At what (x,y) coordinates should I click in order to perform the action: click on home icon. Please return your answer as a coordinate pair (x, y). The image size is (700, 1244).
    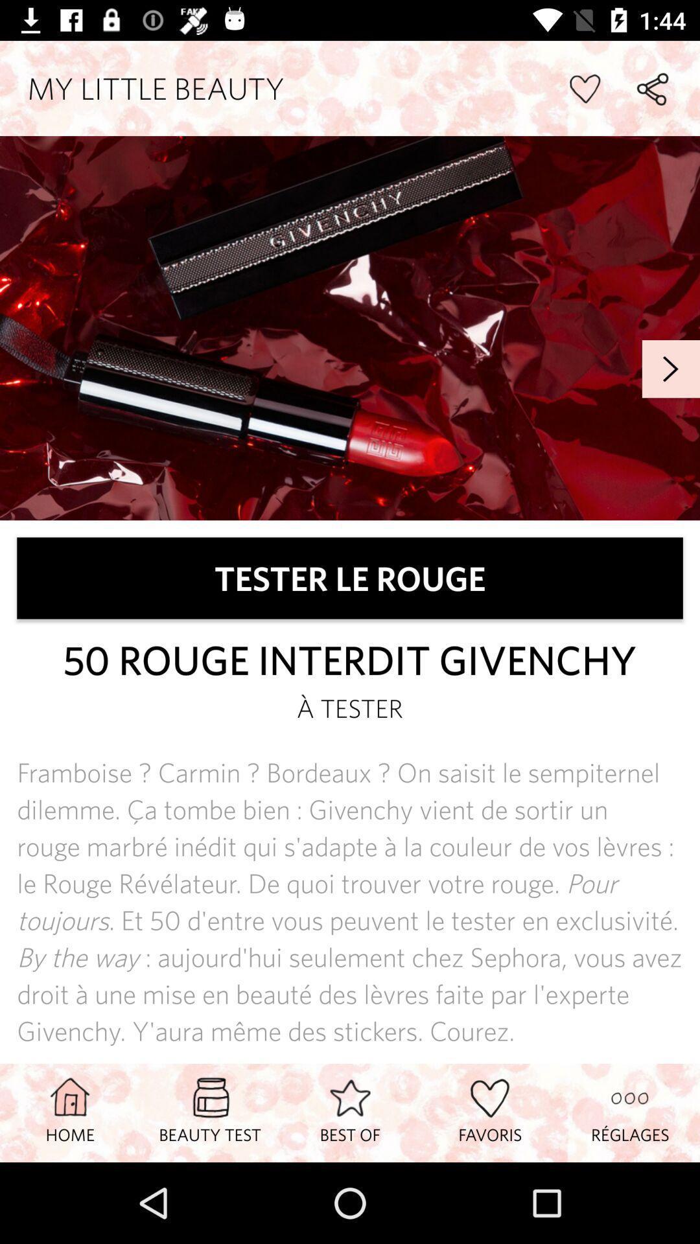
    Looking at the image, I should click on (70, 1112).